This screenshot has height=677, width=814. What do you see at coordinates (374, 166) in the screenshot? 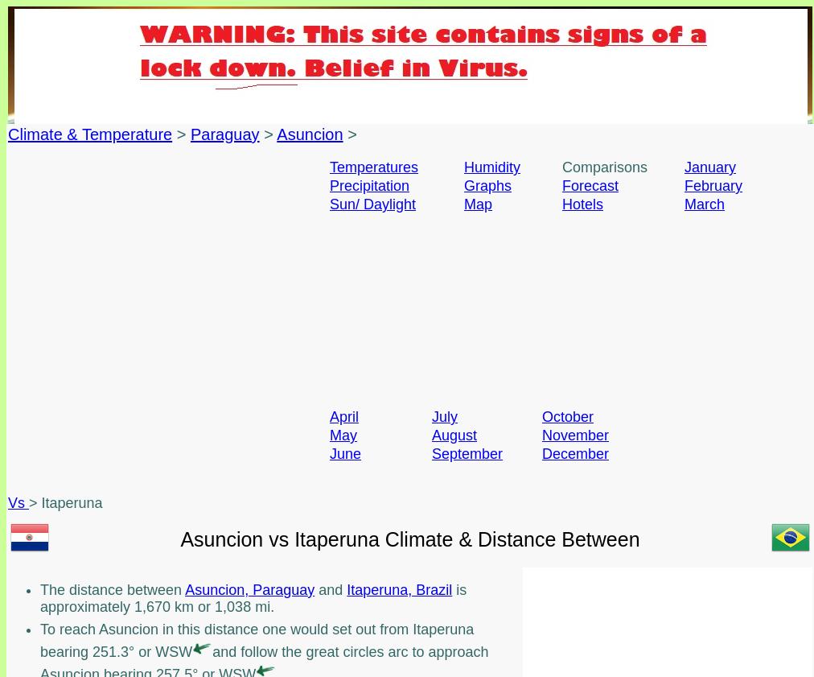
I see `'Temperatures'` at bounding box center [374, 166].